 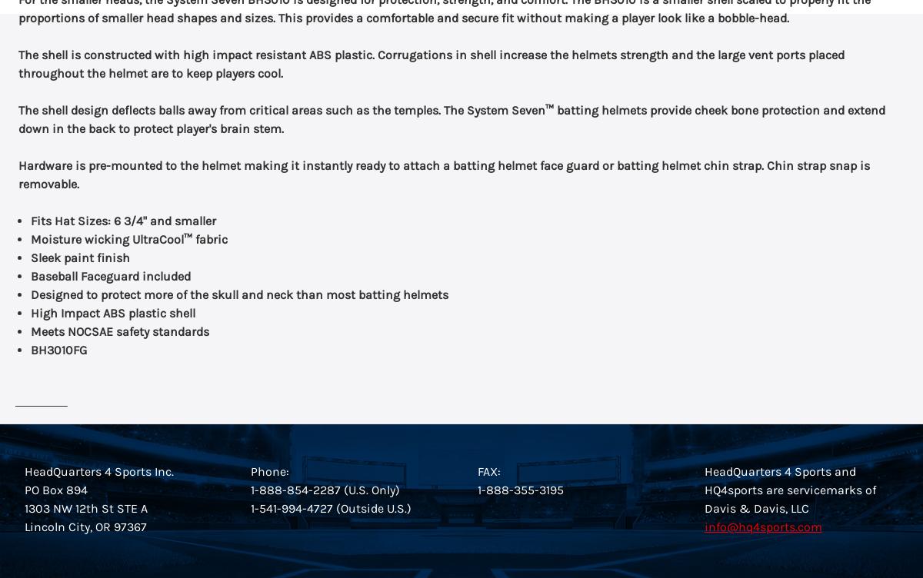 What do you see at coordinates (23, 526) in the screenshot?
I see `'Lincoln City, OR 97367'` at bounding box center [23, 526].